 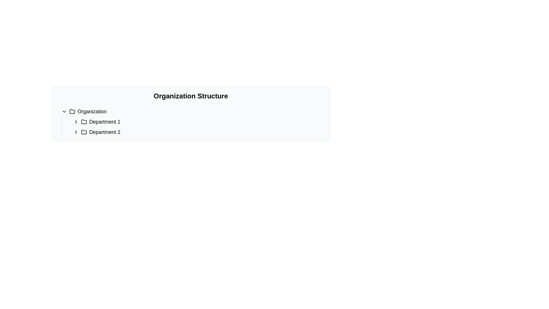 I want to click on the folder icon located to the left of the text 'Department 1', which serves as an indicator for the department's iconography, so click(x=83, y=121).